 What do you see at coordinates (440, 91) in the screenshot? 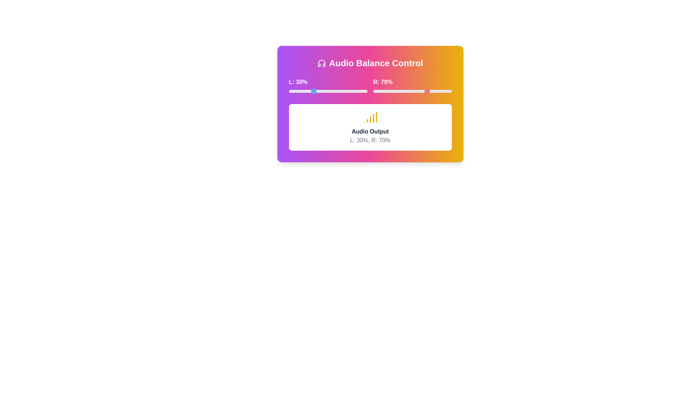
I see `the right volume slider to 86%` at bounding box center [440, 91].